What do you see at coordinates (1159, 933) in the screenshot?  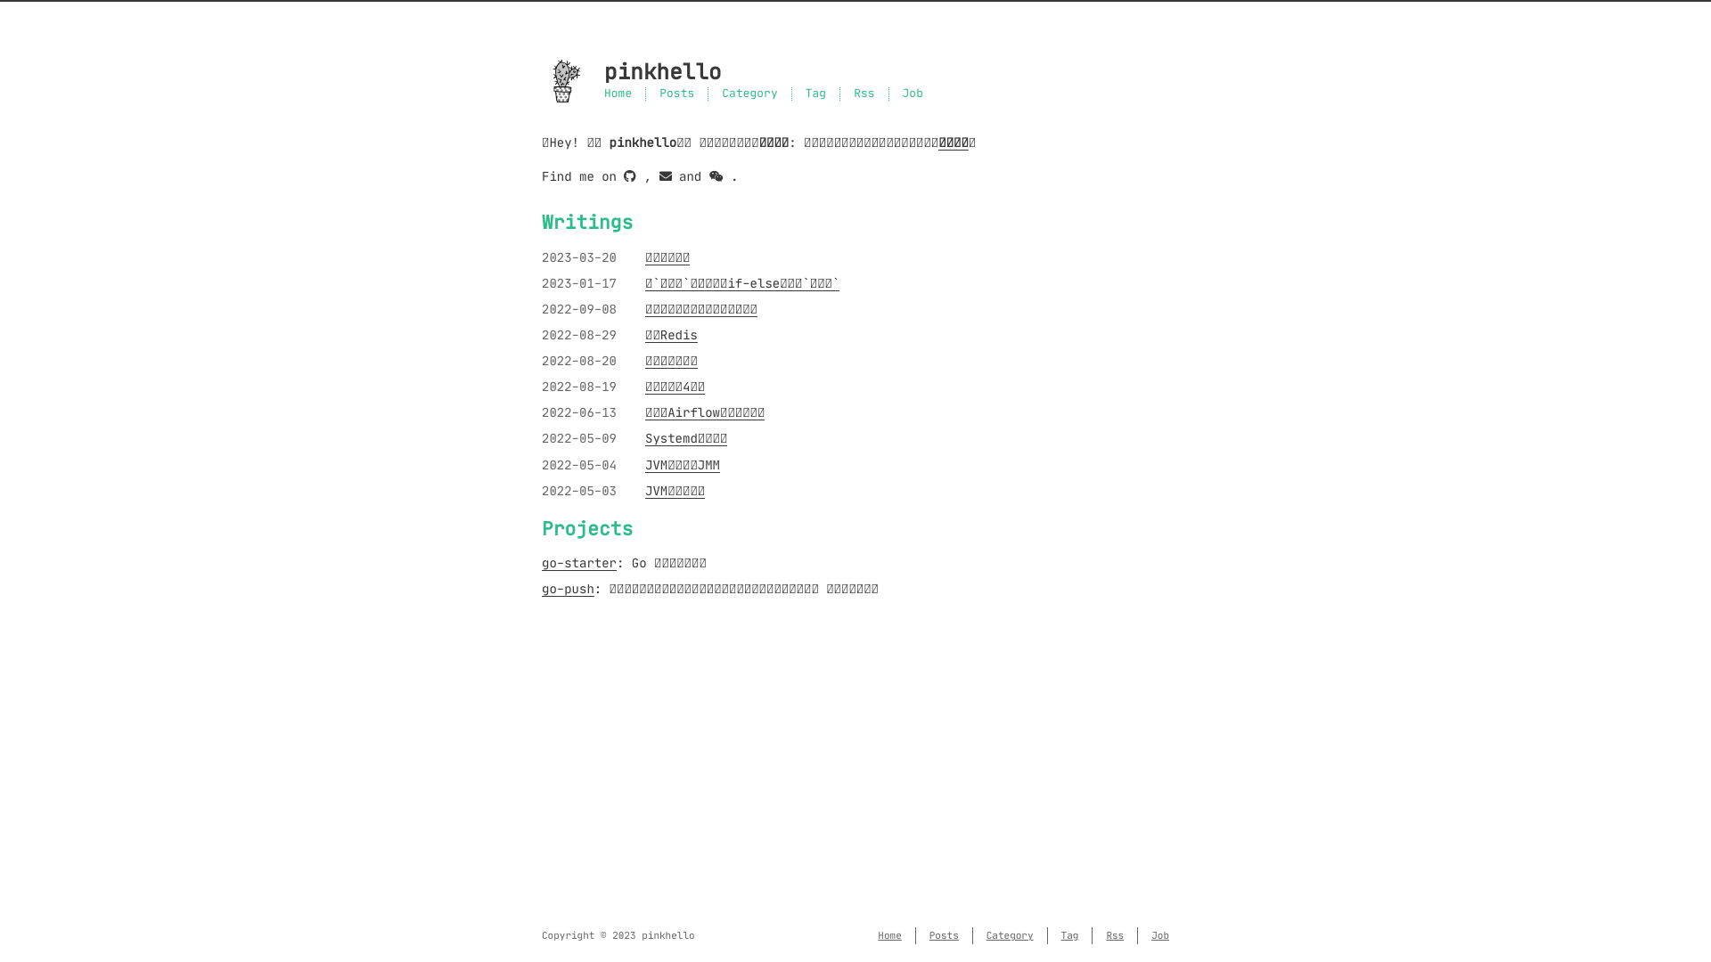 I see `'Job'` at bounding box center [1159, 933].